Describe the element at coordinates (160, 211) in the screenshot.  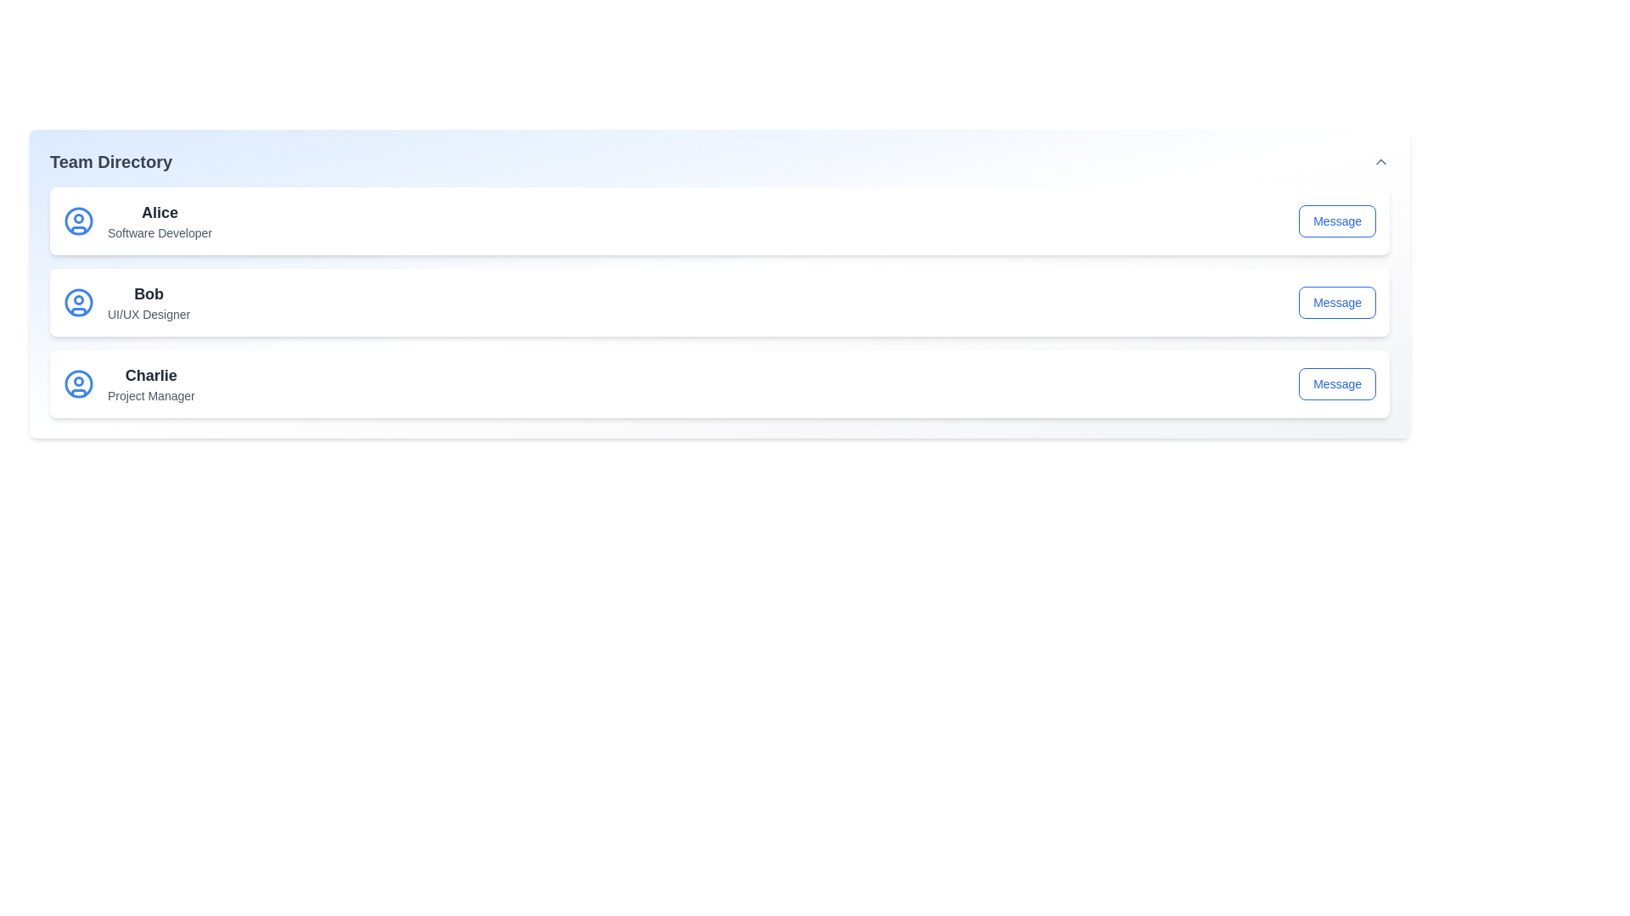
I see `the static text label displaying 'Alice' in bold, black font, which is located in the top-left section of the interface under the 'Team Directory' title` at that location.